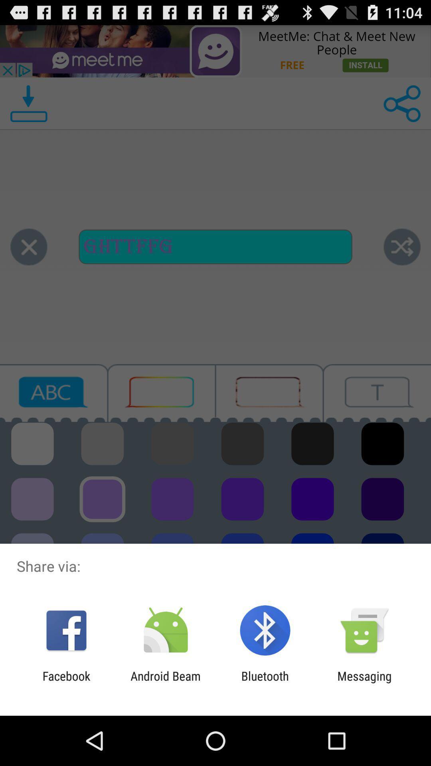  I want to click on item to the right of facebook item, so click(165, 683).